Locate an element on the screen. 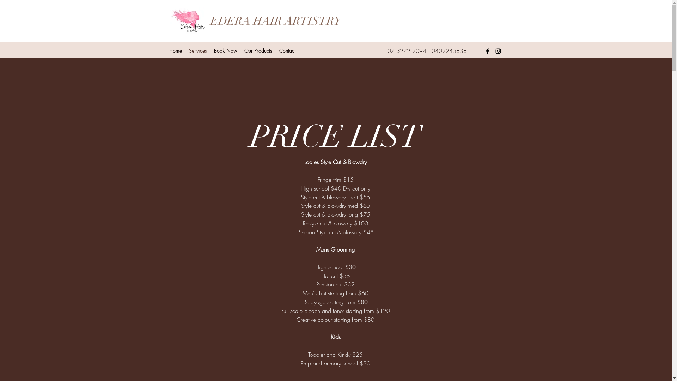 Image resolution: width=677 pixels, height=381 pixels. 'Contact' is located at coordinates (287, 50).